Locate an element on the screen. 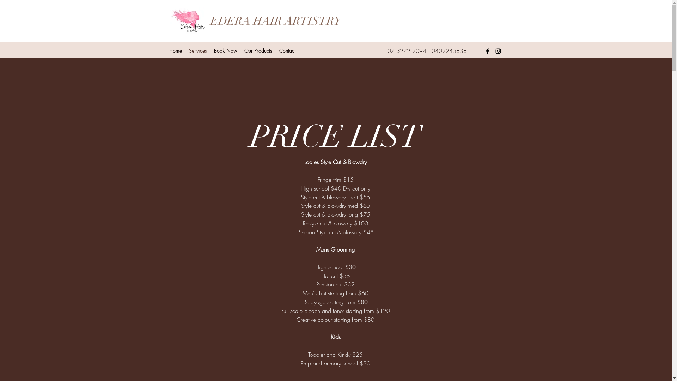 Image resolution: width=677 pixels, height=381 pixels. 'Contact' is located at coordinates (287, 50).